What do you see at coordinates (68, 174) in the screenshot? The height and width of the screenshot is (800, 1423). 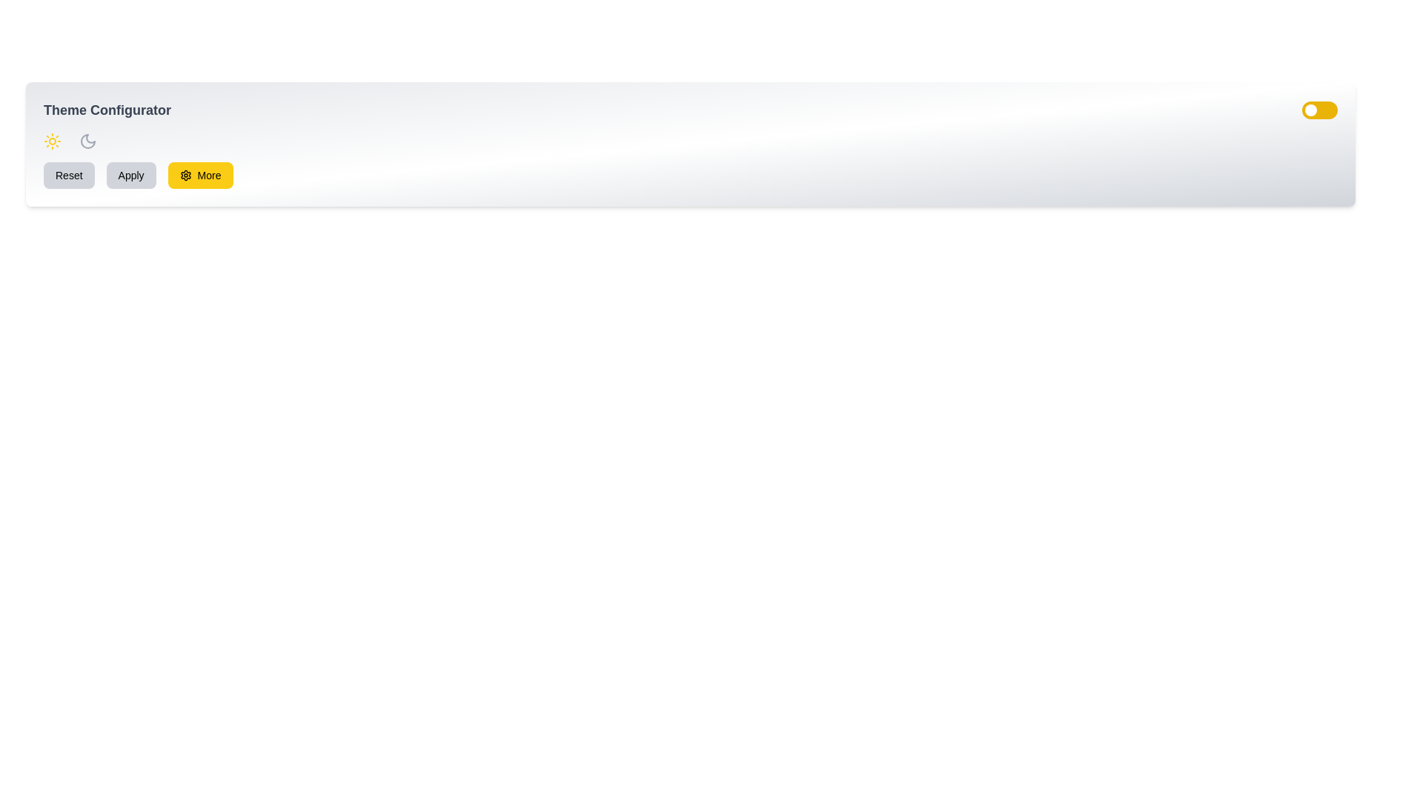 I see `the 'Reset' button, which is the first button in a row with a light gray background that changes on hover` at bounding box center [68, 174].